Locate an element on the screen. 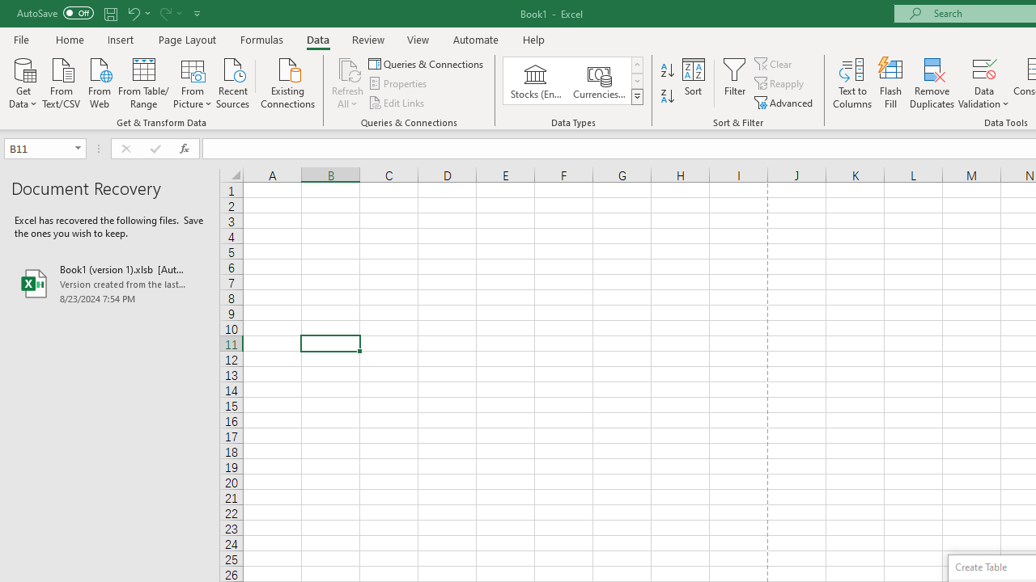 The image size is (1036, 582). 'Save' is located at coordinates (109, 13).